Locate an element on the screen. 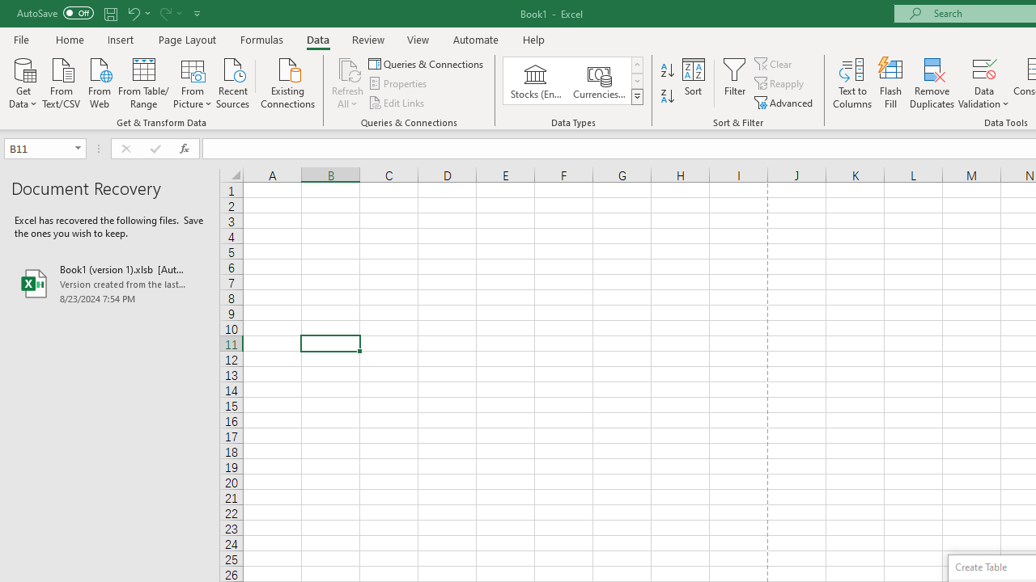 The image size is (1036, 582). 'Save' is located at coordinates (109, 13).